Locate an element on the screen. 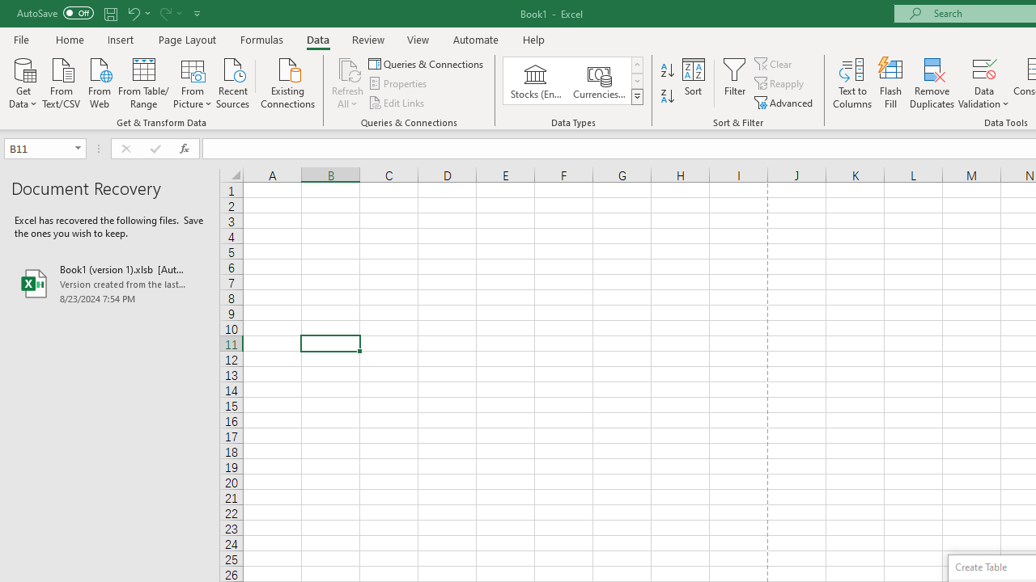 The image size is (1036, 582). 'Save' is located at coordinates (109, 13).